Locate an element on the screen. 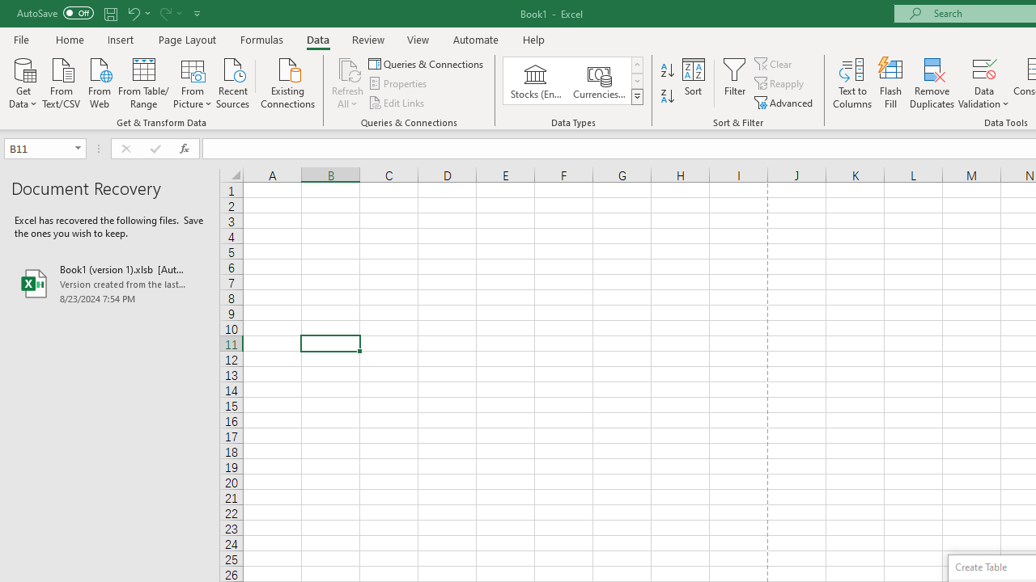 The image size is (1036, 582). 'Save' is located at coordinates (109, 13).